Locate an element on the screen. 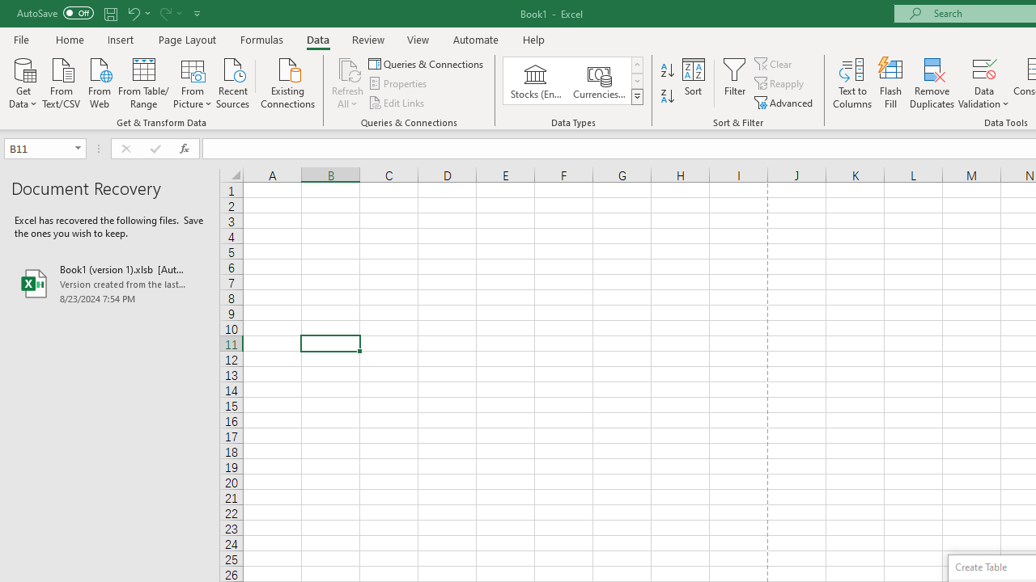 The image size is (1036, 582). 'Save' is located at coordinates (109, 13).